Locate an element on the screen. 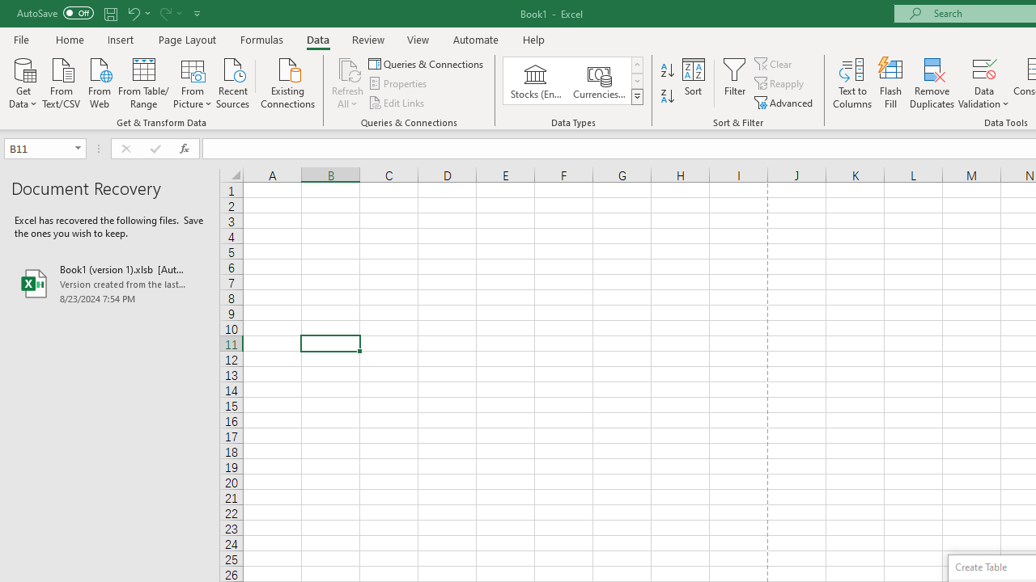 The image size is (1036, 582). 'Save' is located at coordinates (109, 13).